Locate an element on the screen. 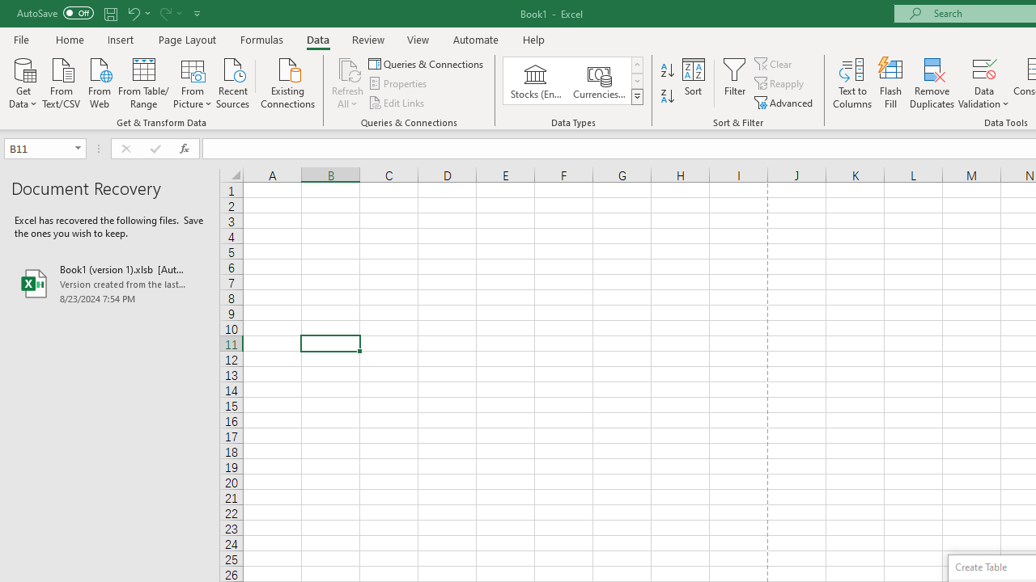 The image size is (1036, 582). 'Save' is located at coordinates (109, 13).